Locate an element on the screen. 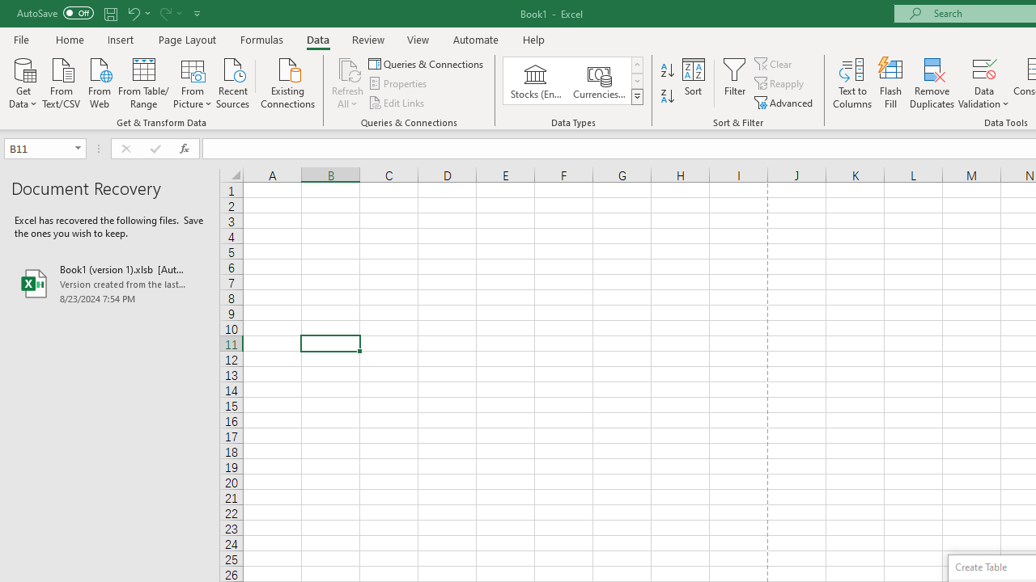 The image size is (1036, 582). 'Save' is located at coordinates (109, 13).